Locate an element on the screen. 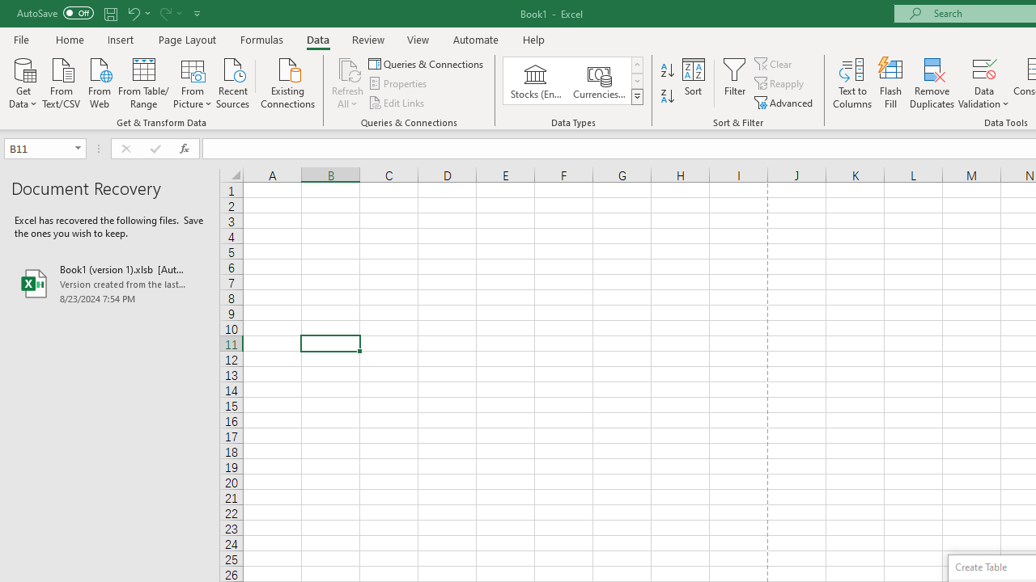 The image size is (1036, 582). 'Save' is located at coordinates (109, 13).